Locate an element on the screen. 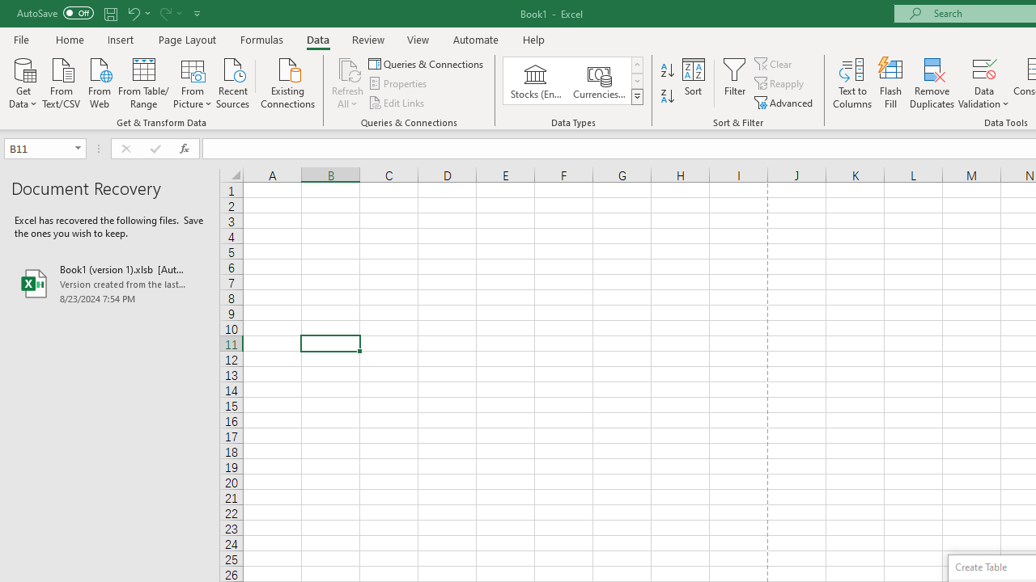 The image size is (1036, 582). 'Save' is located at coordinates (109, 13).